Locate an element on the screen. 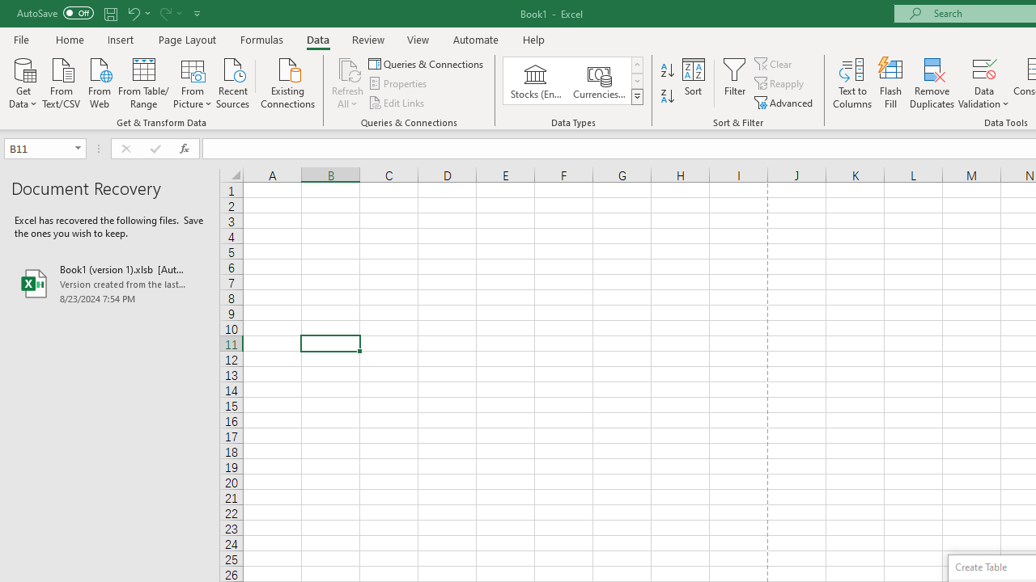 The image size is (1036, 582). 'Save' is located at coordinates (109, 13).